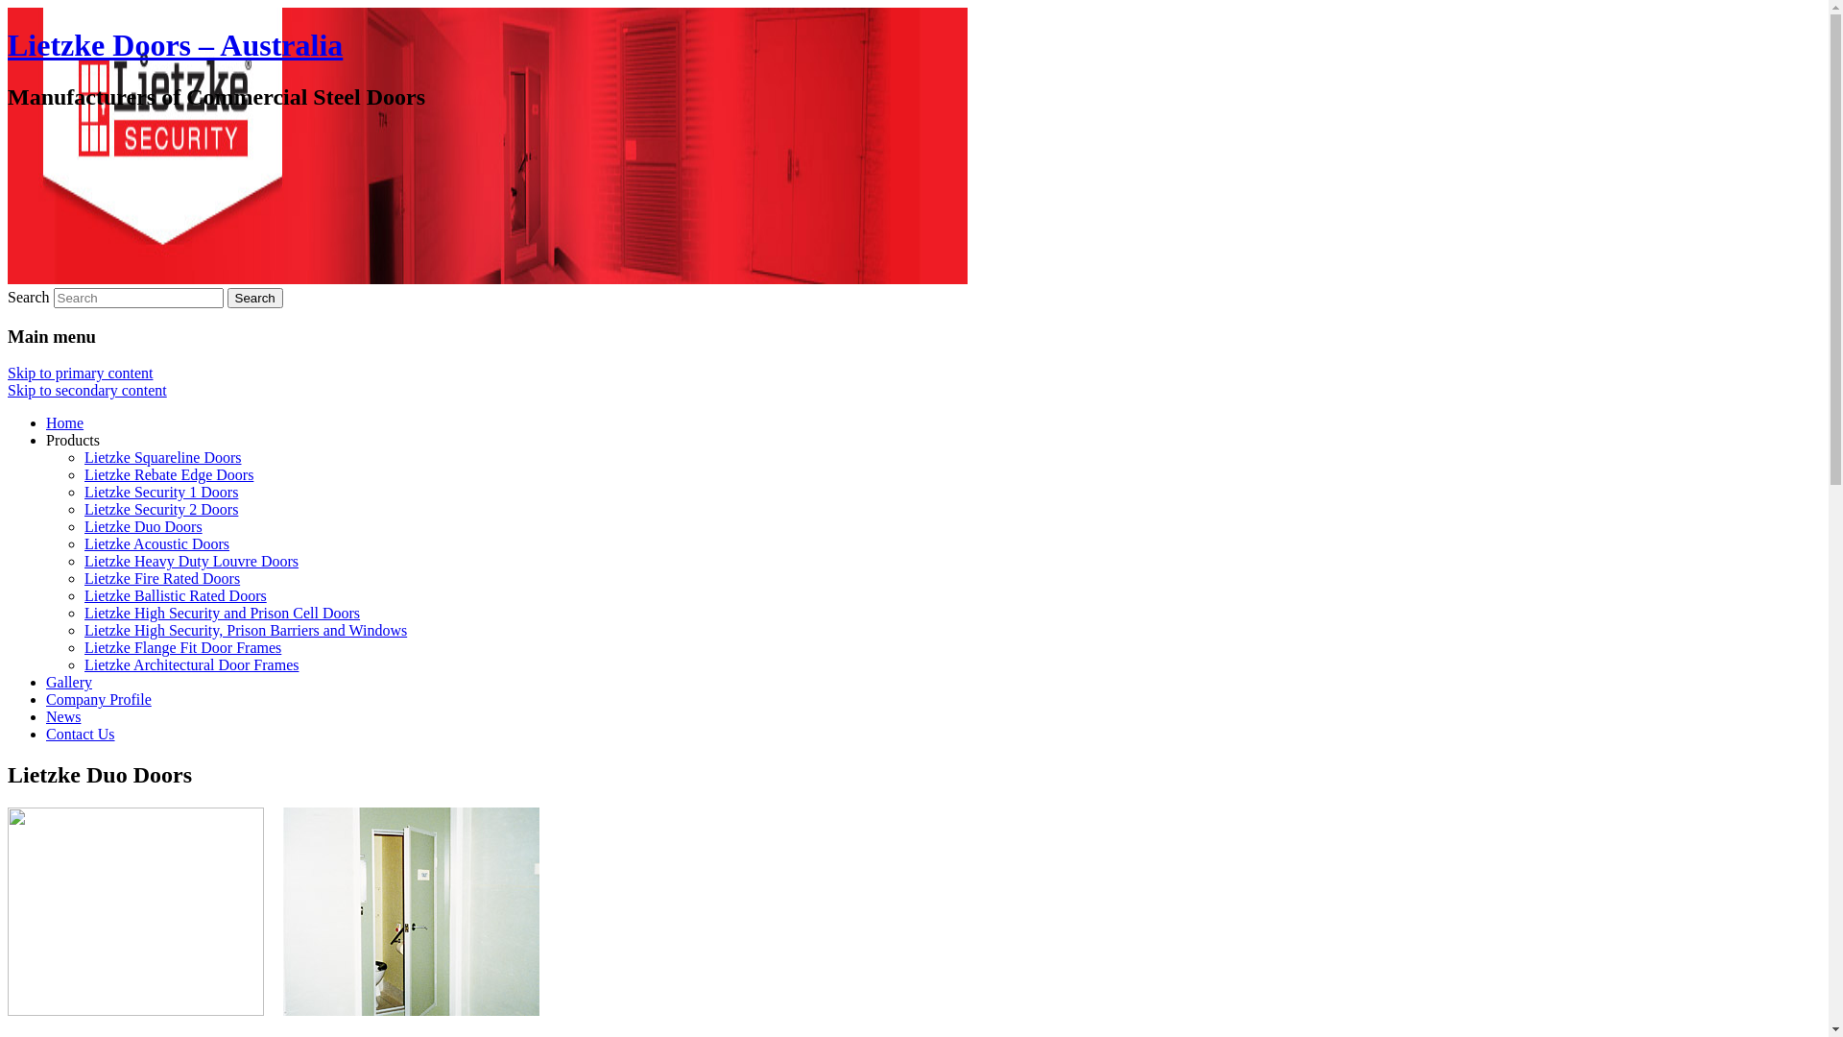 The image size is (1843, 1037). What do you see at coordinates (79, 373) in the screenshot?
I see `'Skip to primary content'` at bounding box center [79, 373].